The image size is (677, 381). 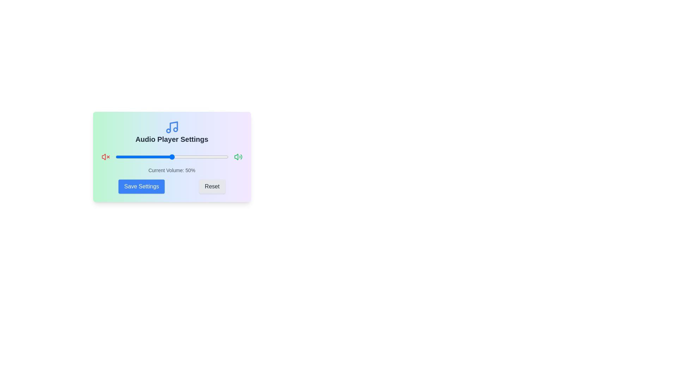 What do you see at coordinates (207, 156) in the screenshot?
I see `the slider value` at bounding box center [207, 156].